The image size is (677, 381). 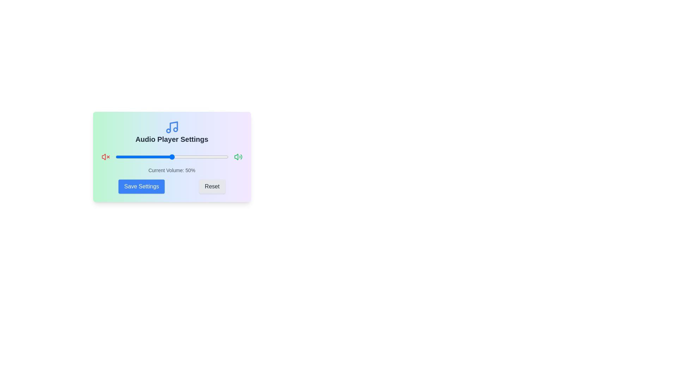 What do you see at coordinates (207, 156) in the screenshot?
I see `the slider value` at bounding box center [207, 156].